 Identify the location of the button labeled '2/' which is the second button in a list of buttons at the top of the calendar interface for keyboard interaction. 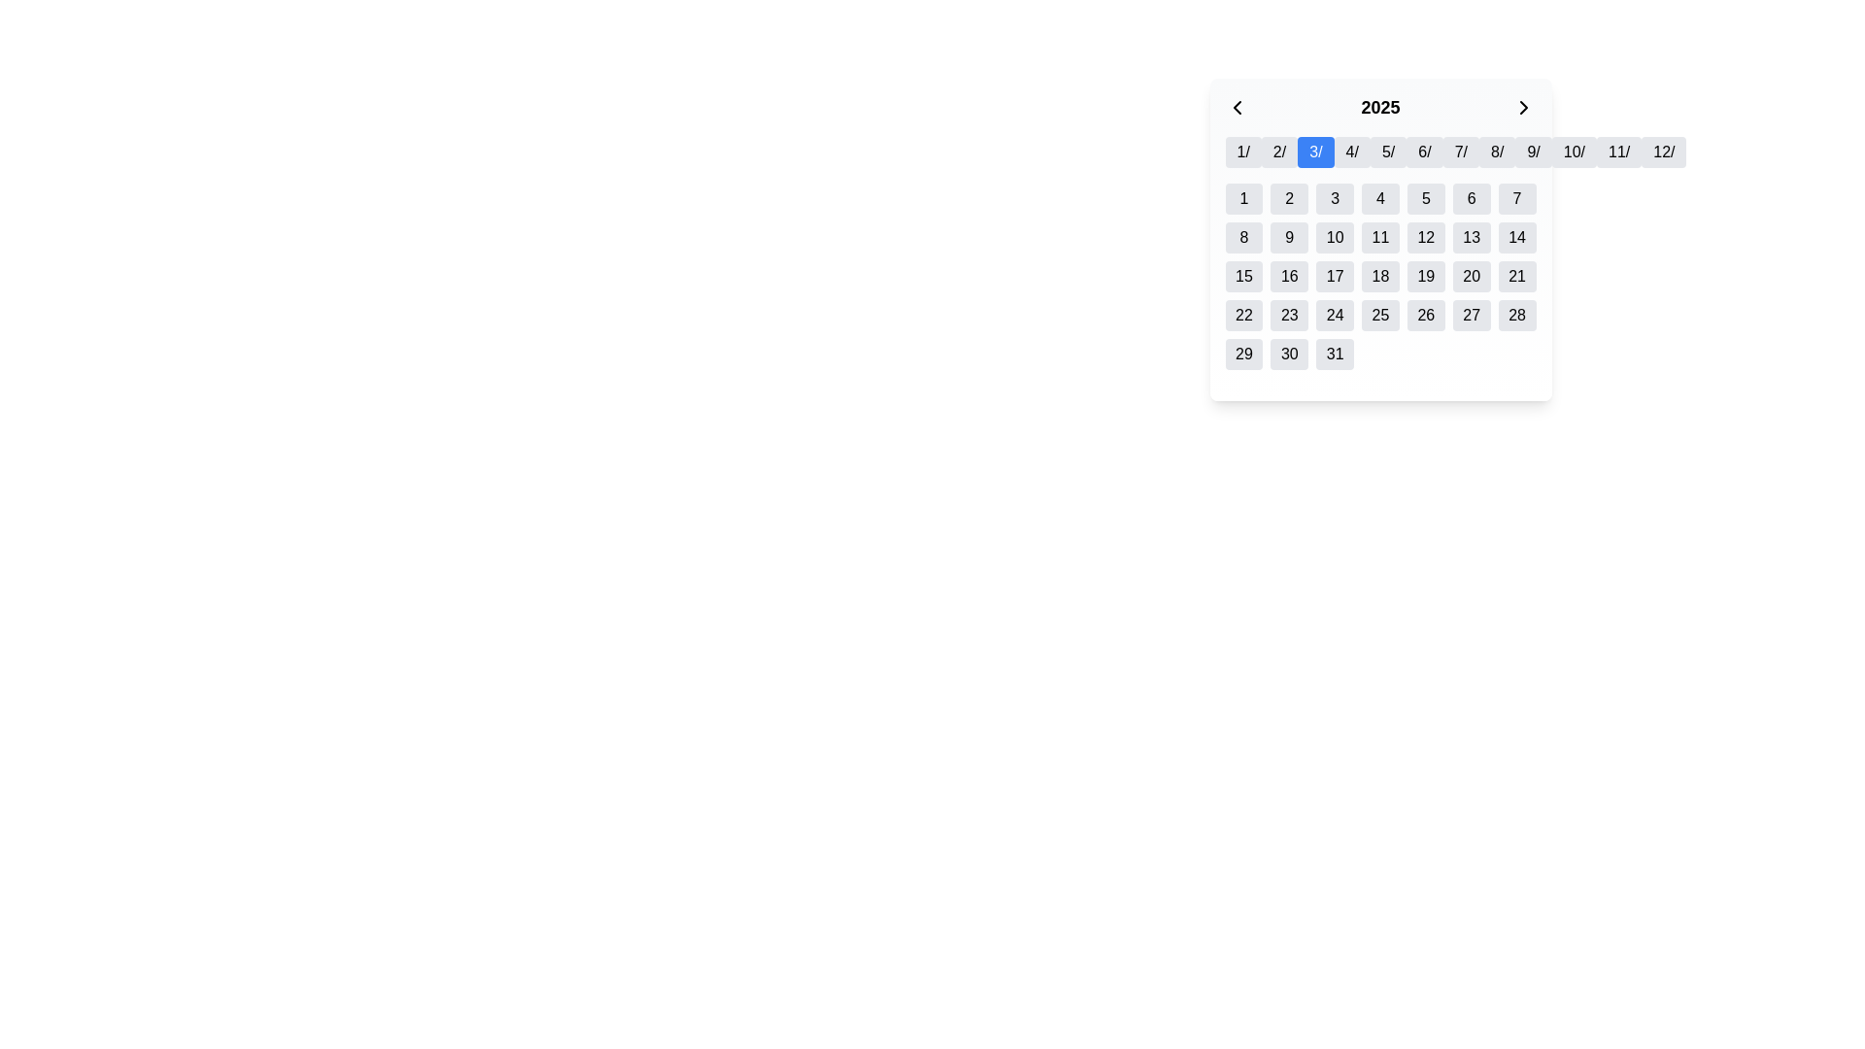
(1279, 152).